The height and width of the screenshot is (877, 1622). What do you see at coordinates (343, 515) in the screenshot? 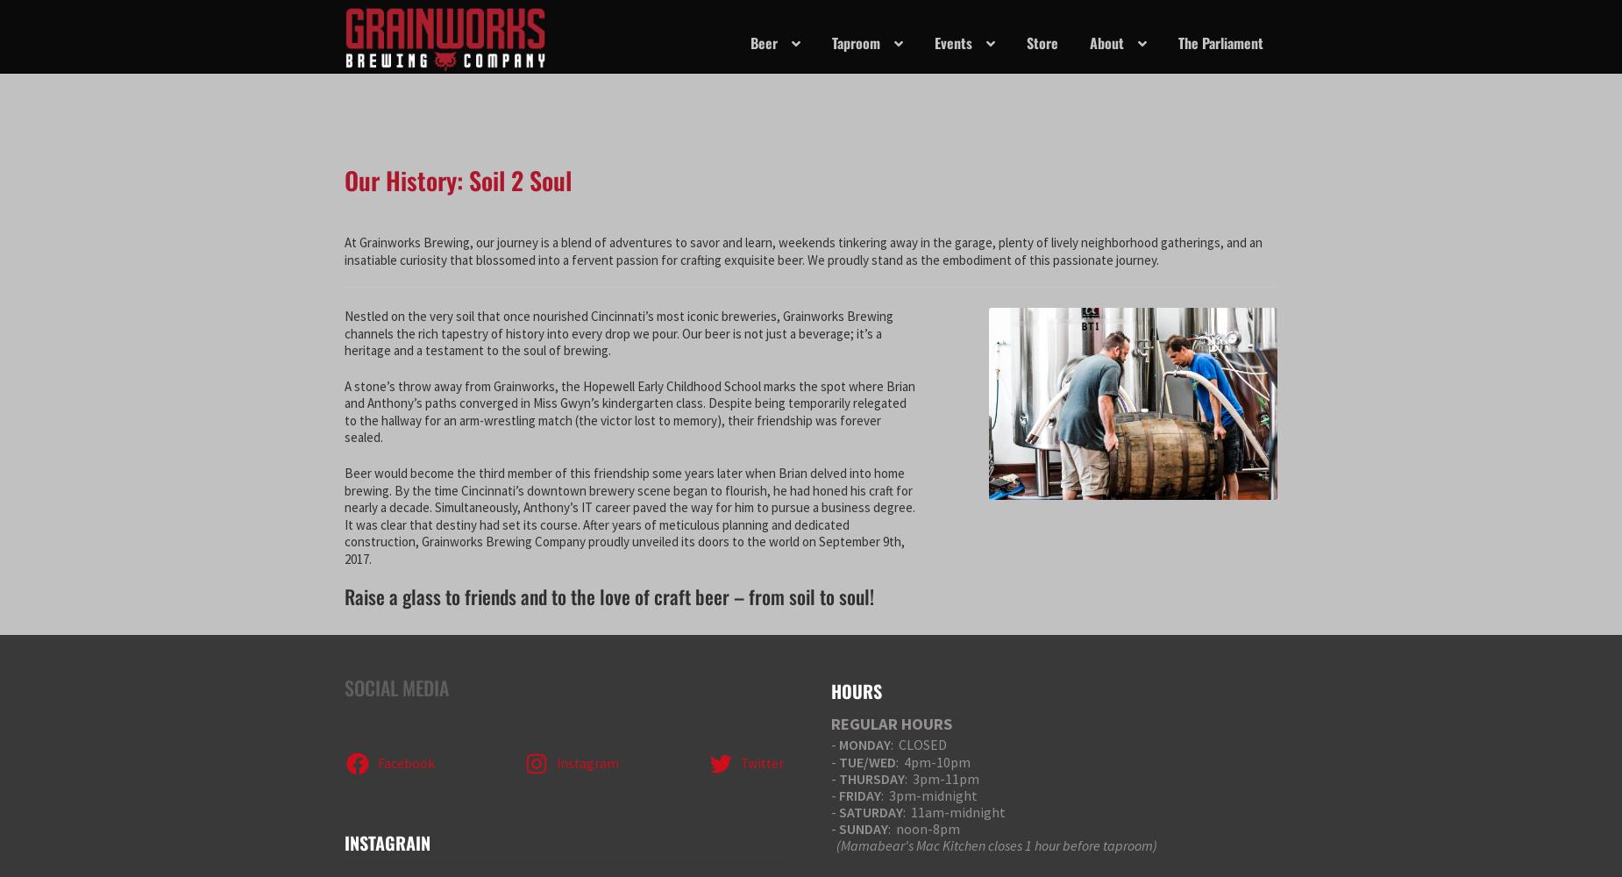
I see `'Beer would become the third member of this friendship some years later when Brian delved into home brewing. By the time Cincinnati’s downtown brewery scene began to flourish, he had honed his craft for nearly a decade. Simultaneously, Anthony’s IT career paved the way for him to pursue a business degree. It was clear that destiny had set its course. After years of meticulous planning and dedicated construction, Grainworks Brewing Company proudly unveiled its doors to the world on September 9th, 2017.'` at bounding box center [343, 515].